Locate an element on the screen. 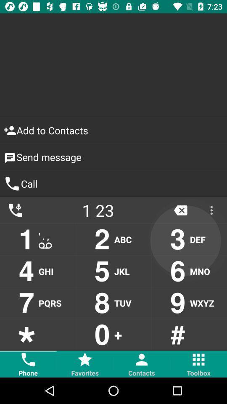 The image size is (227, 404). the close icon is located at coordinates (180, 210).